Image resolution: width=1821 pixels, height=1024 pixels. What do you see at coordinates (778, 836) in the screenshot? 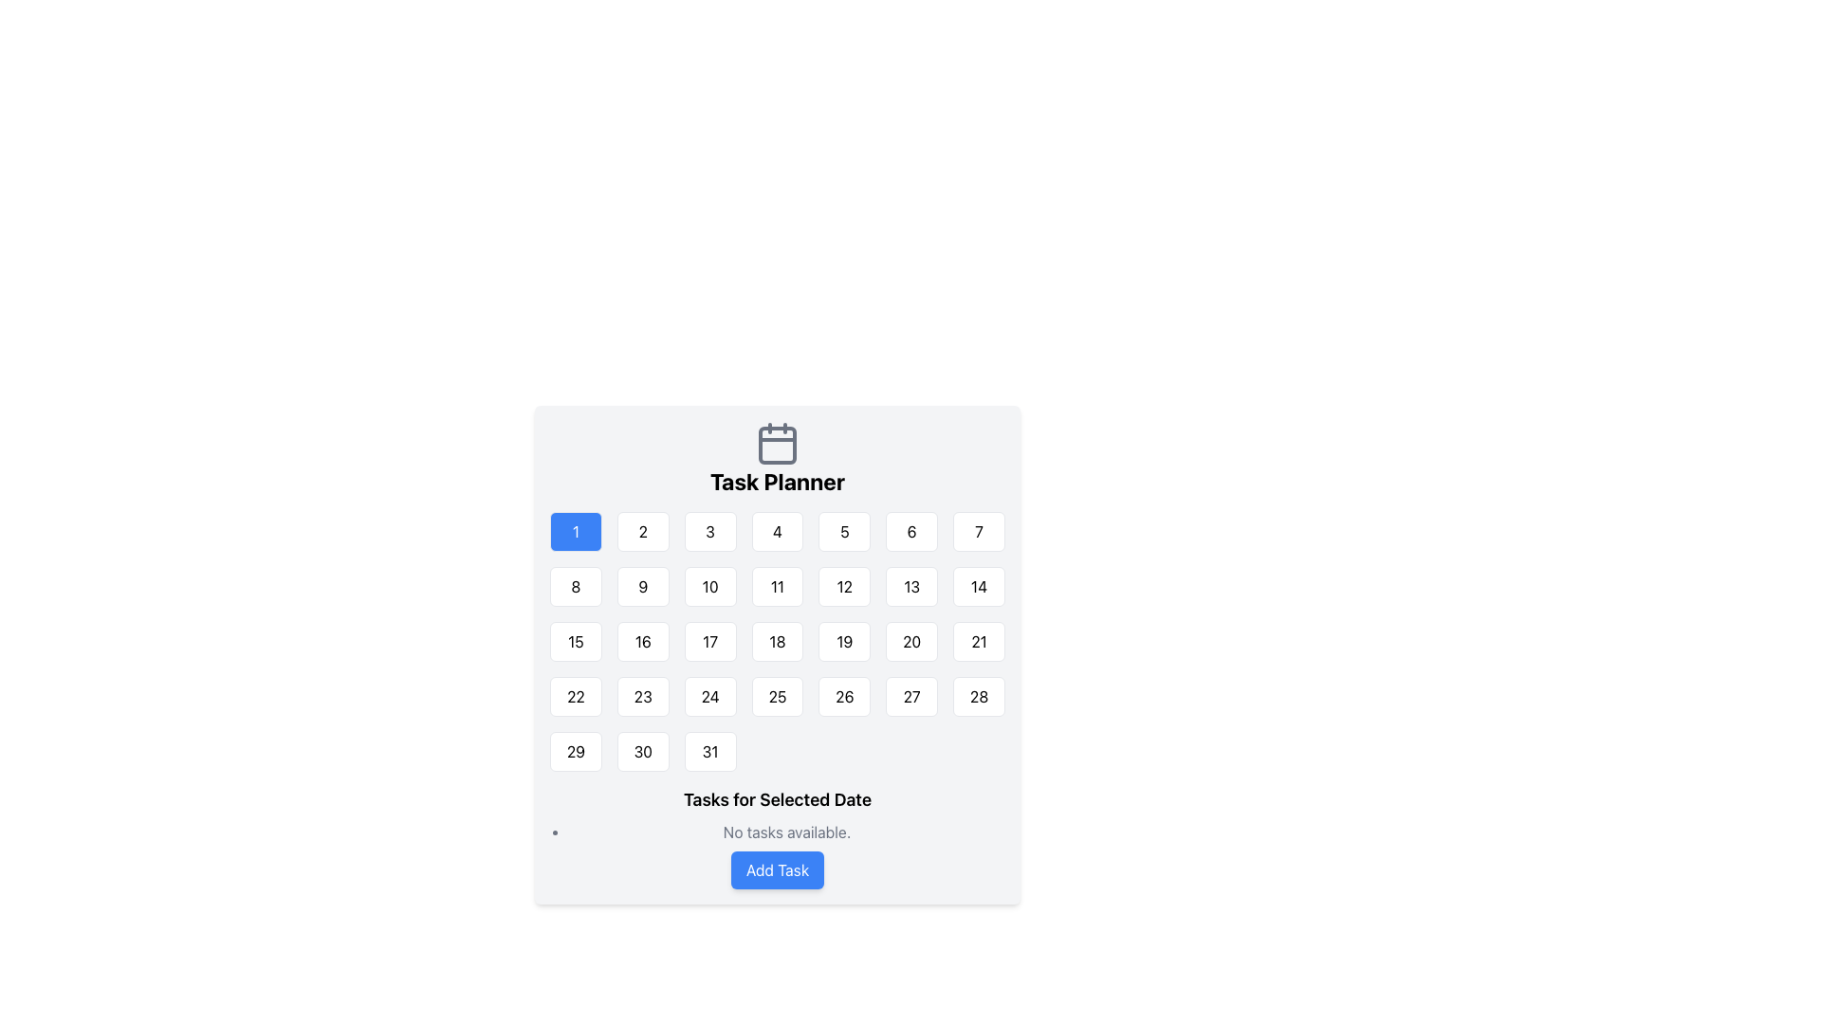
I see `information displayed in the gray text label indicating no available tasks located in the task display section, above the 'Add Task' button` at bounding box center [778, 836].